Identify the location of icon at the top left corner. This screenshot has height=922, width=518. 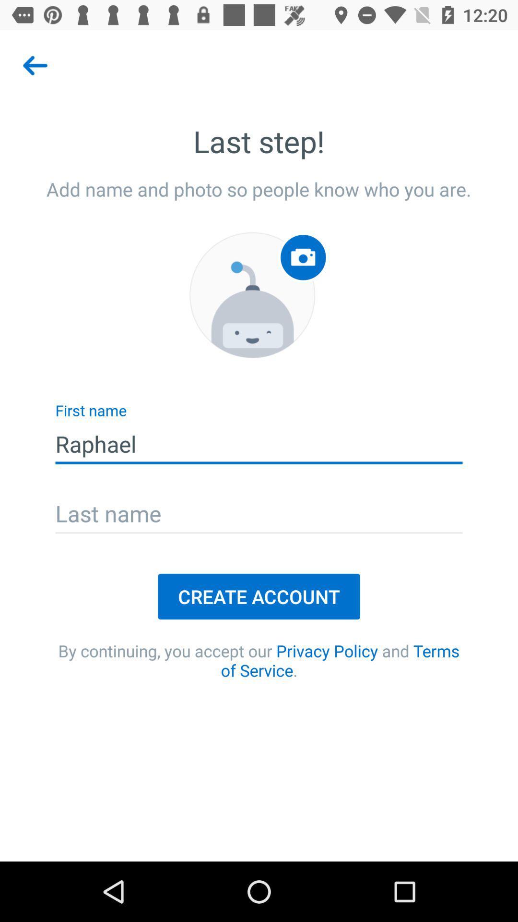
(35, 65).